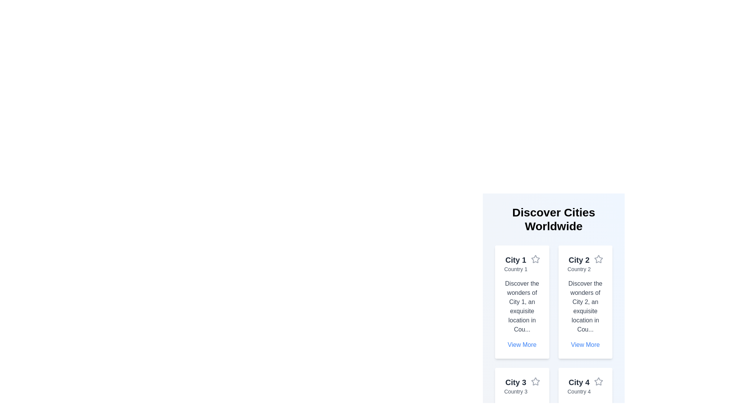 The image size is (734, 413). I want to click on the static text label styled with gray font that contains the text 'Country 3', located beneath the title 'City 3' in the third card of the grid layout, so click(516, 391).